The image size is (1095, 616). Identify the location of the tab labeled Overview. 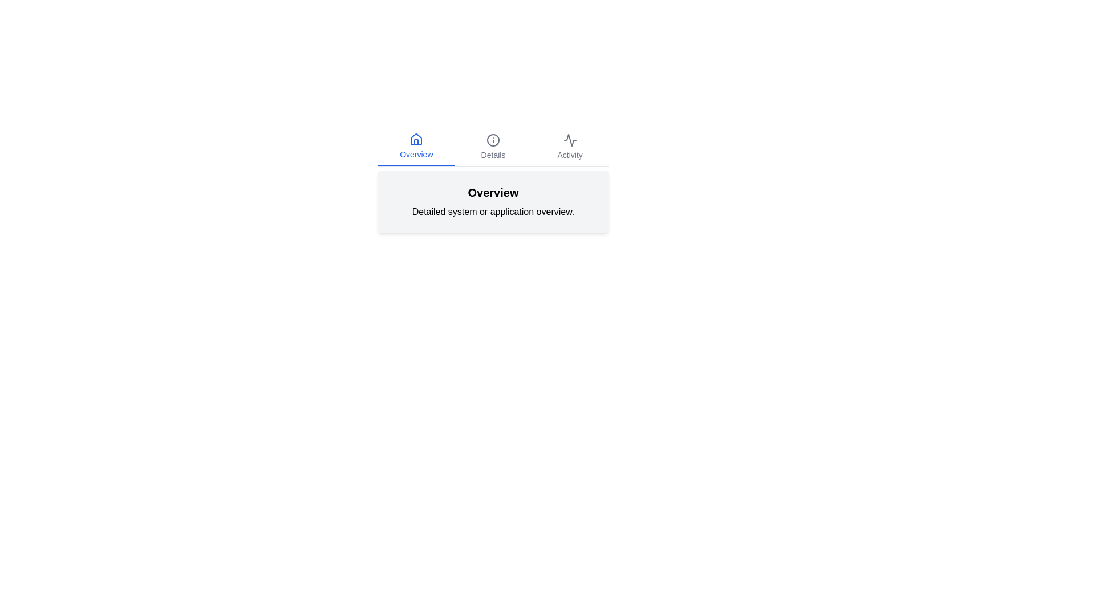
(415, 147).